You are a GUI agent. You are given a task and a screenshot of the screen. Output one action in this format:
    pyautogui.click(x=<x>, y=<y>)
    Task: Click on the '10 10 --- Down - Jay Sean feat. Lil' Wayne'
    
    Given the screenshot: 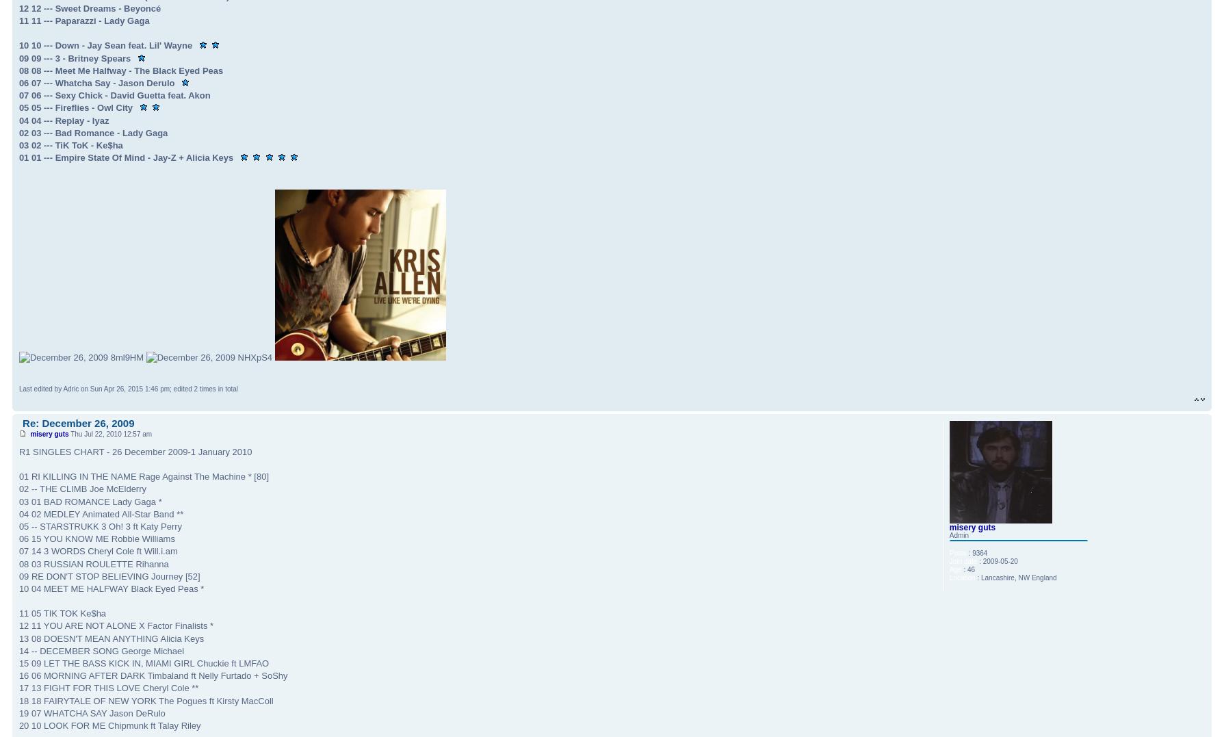 What is the action you would take?
    pyautogui.click(x=109, y=45)
    